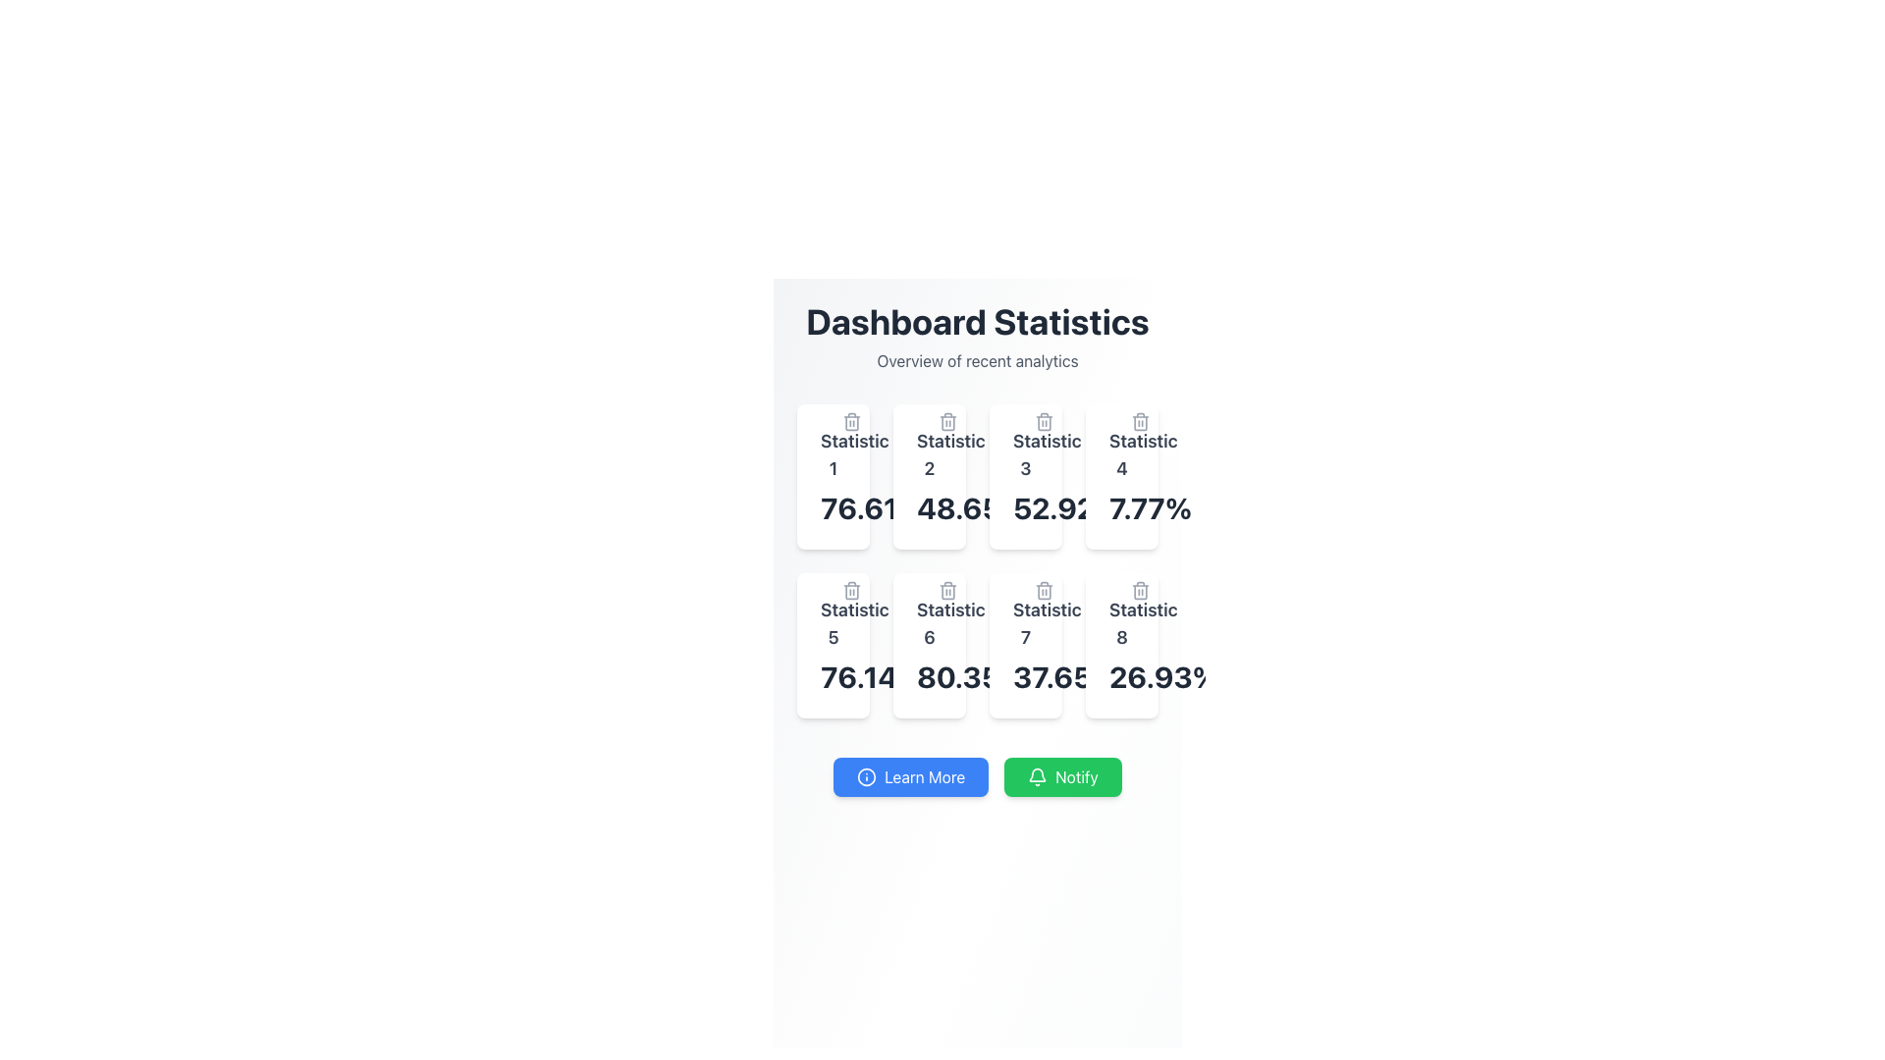  Describe the element at coordinates (1121, 477) in the screenshot. I see `the informational card displaying 'Statistic 4' with the delete action icon in the first row, fourth column` at that location.